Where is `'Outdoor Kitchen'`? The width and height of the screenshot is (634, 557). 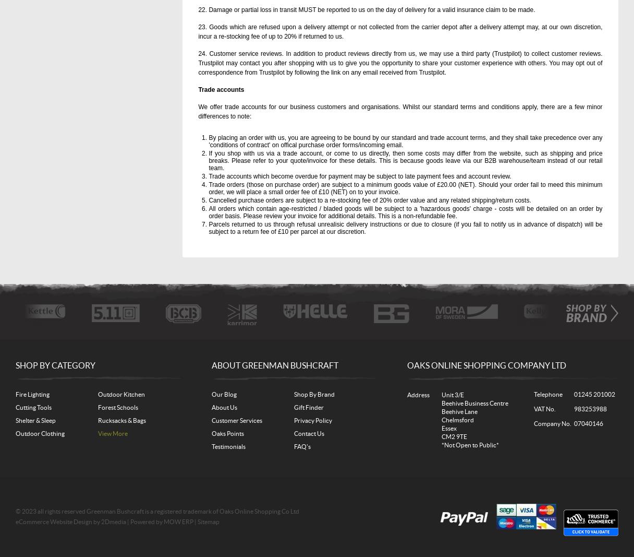 'Outdoor Kitchen' is located at coordinates (120, 394).